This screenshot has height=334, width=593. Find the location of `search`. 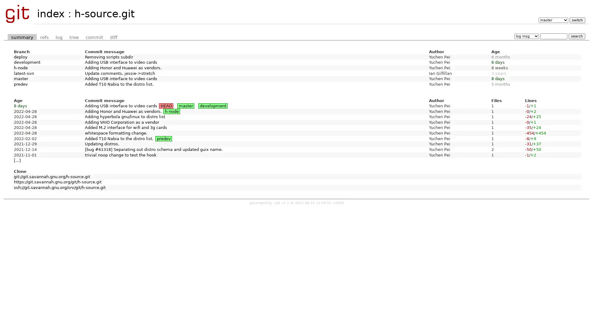

search is located at coordinates (576, 36).